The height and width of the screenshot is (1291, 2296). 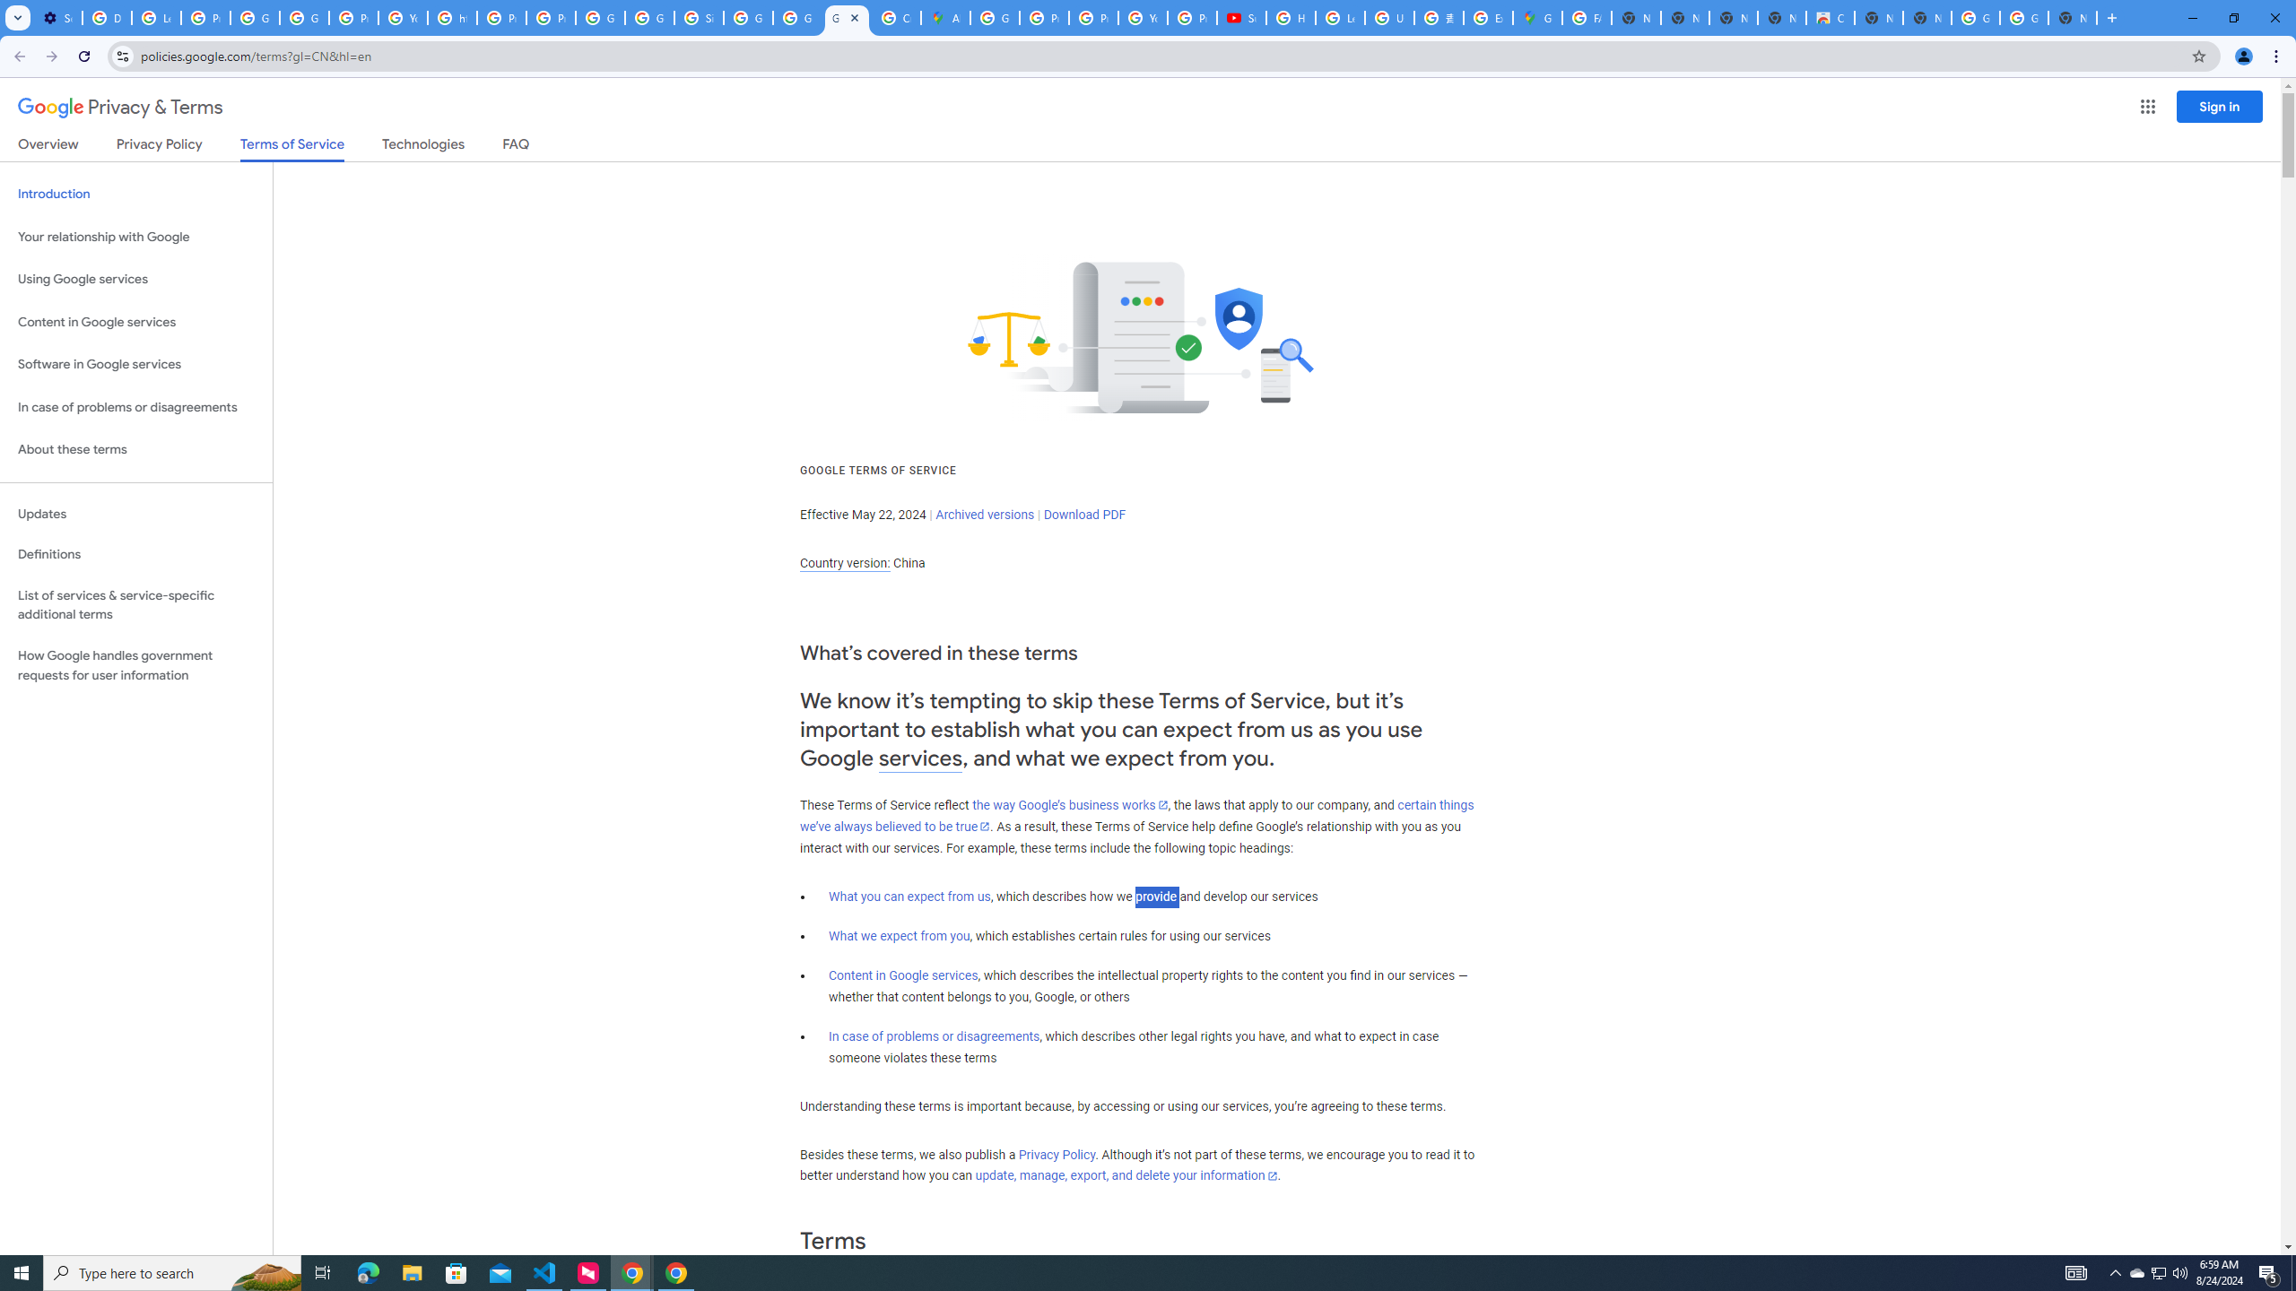 I want to click on 'What we expect from you', so click(x=899, y=935).